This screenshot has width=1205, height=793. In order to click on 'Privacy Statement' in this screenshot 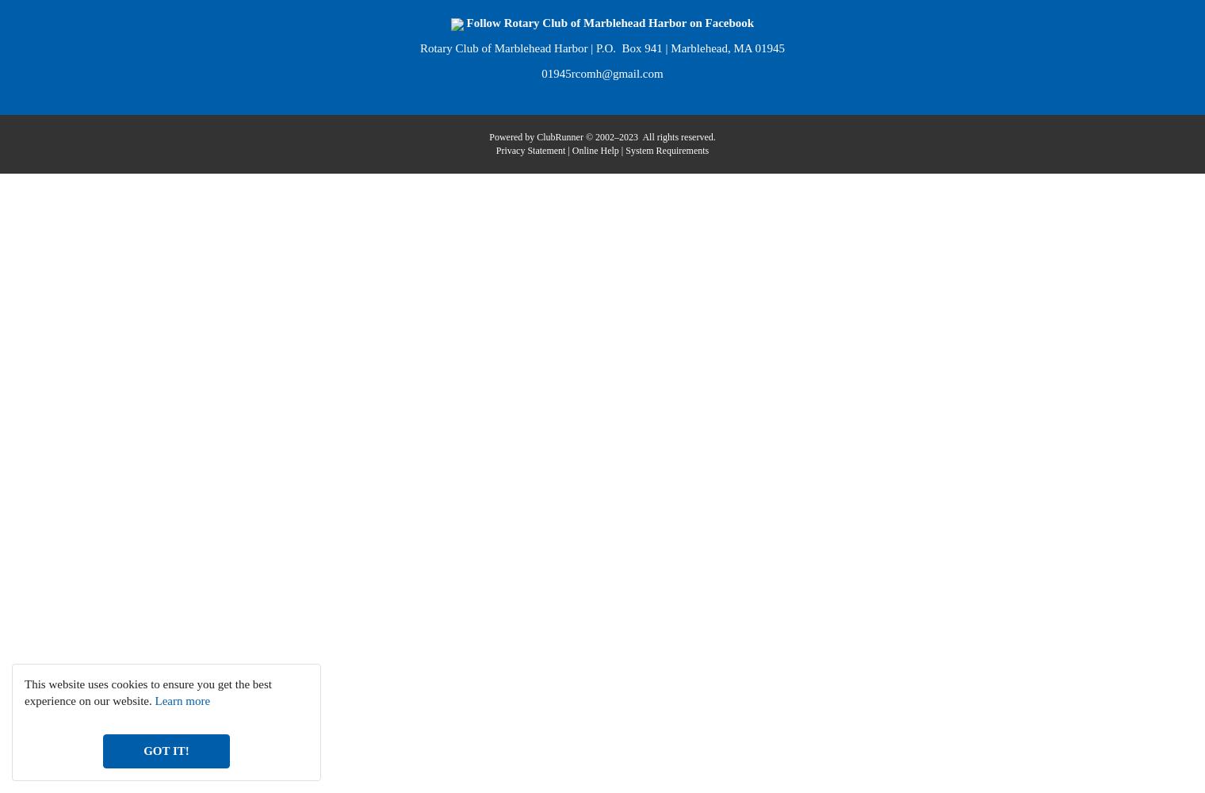, I will do `click(530, 149)`.